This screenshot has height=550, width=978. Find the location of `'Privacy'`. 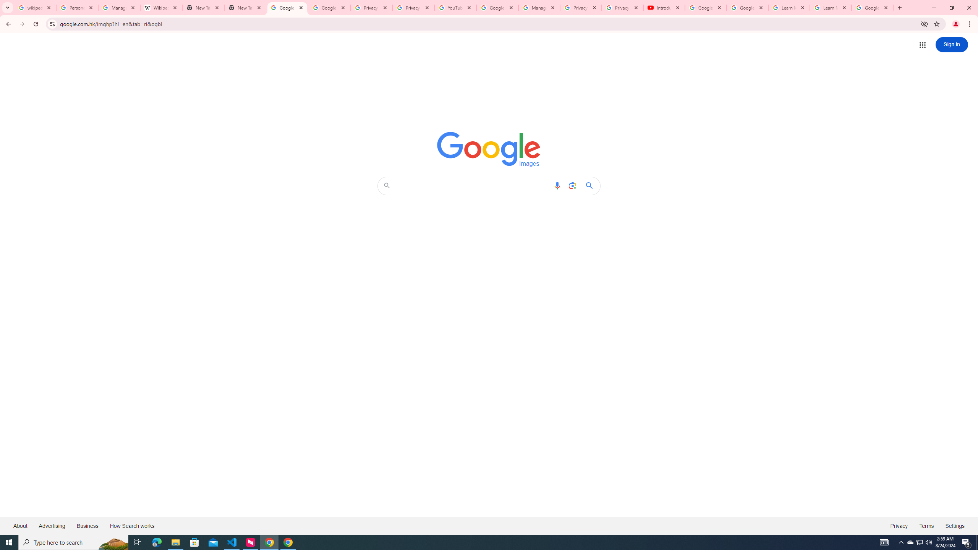

'Privacy' is located at coordinates (899, 525).